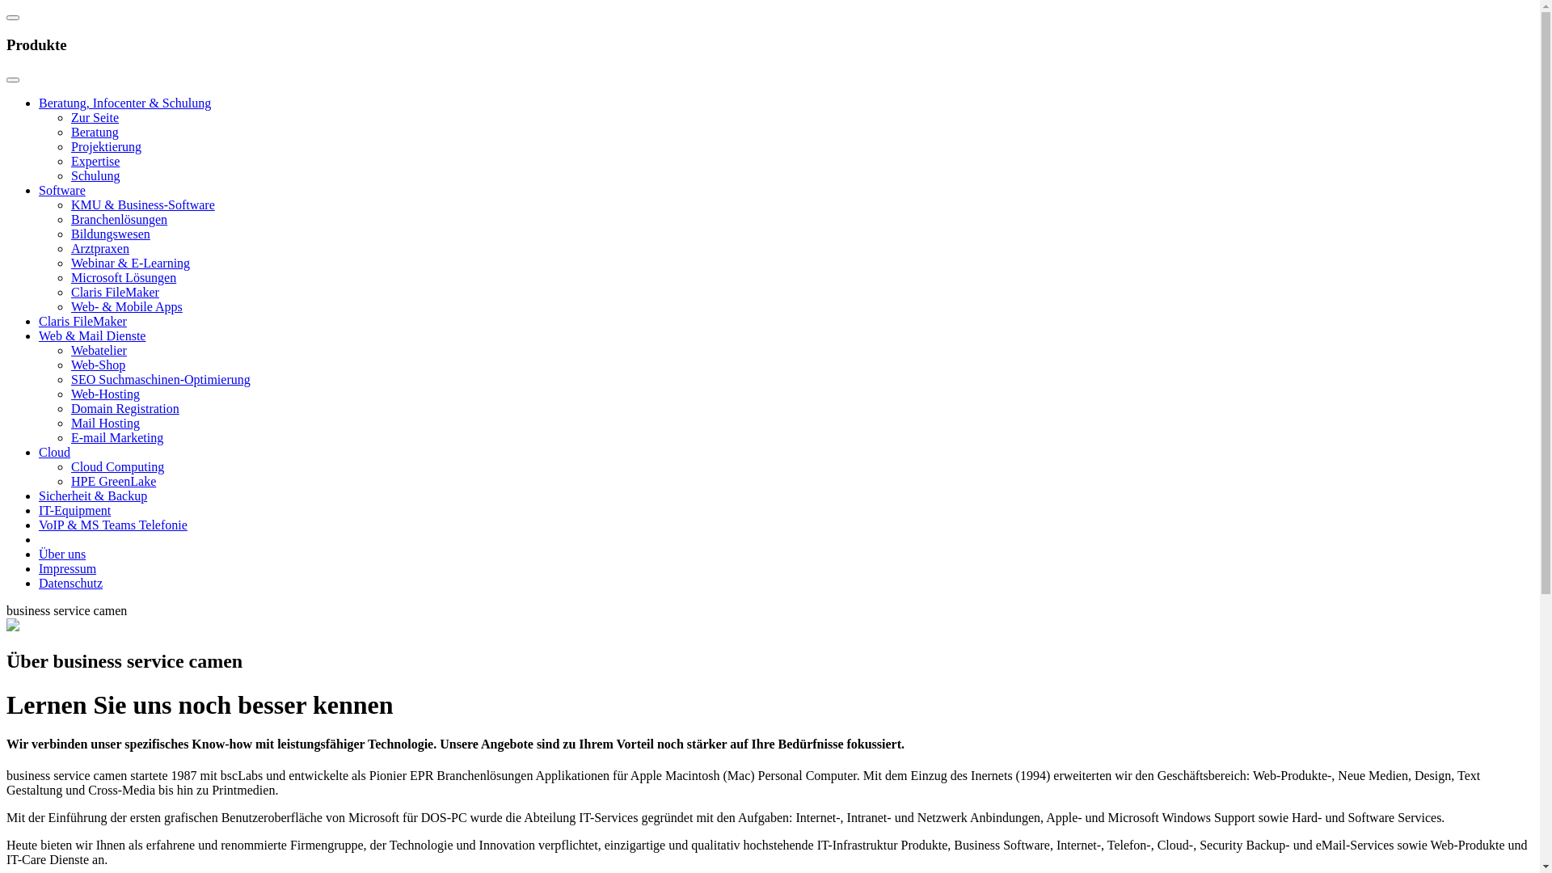  What do you see at coordinates (116, 437) in the screenshot?
I see `'E-mail Marketing'` at bounding box center [116, 437].